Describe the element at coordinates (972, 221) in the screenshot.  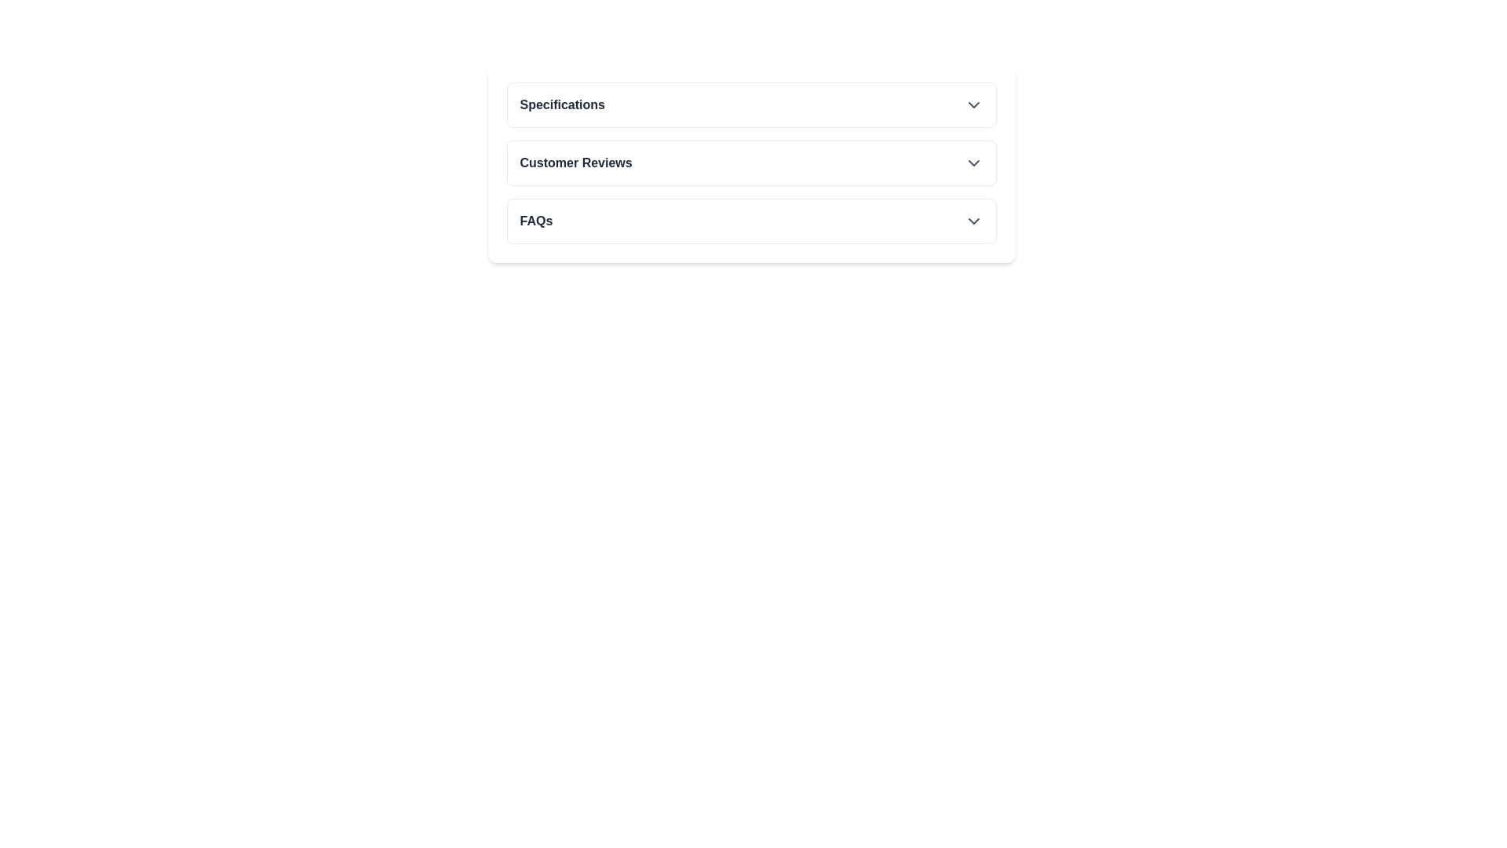
I see `the toggle icon for the 'FAQs' section` at that location.